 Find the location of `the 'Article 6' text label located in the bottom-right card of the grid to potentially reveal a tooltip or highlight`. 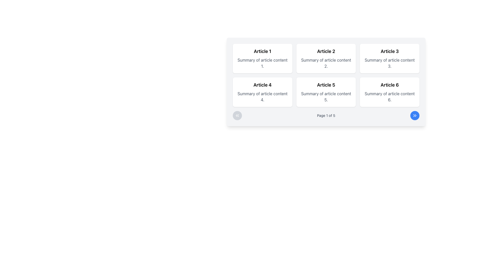

the 'Article 6' text label located in the bottom-right card of the grid to potentially reveal a tooltip or highlight is located at coordinates (389, 85).